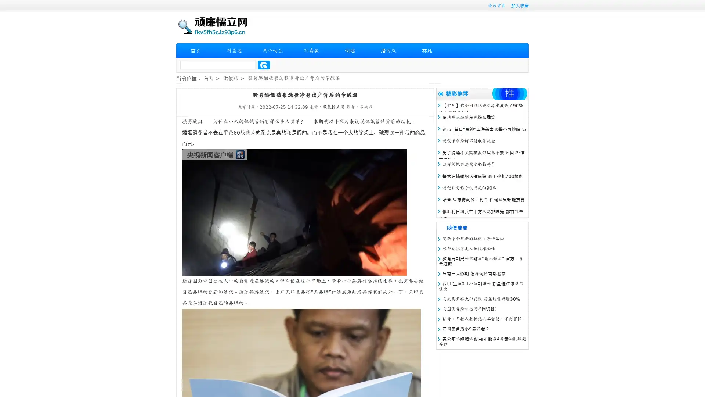 The height and width of the screenshot is (397, 705). What do you see at coordinates (264, 65) in the screenshot?
I see `Search` at bounding box center [264, 65].